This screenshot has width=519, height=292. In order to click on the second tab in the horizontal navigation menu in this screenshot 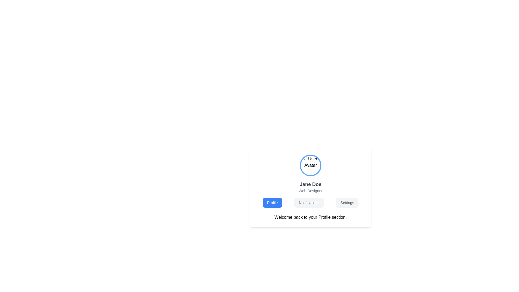, I will do `click(310, 203)`.